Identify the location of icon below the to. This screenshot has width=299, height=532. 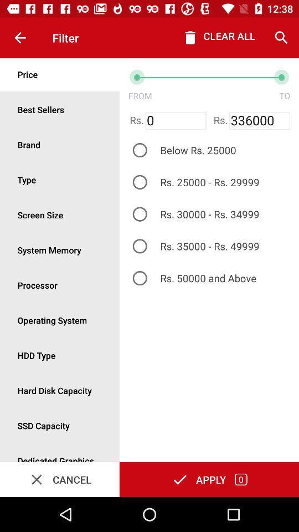
(260, 121).